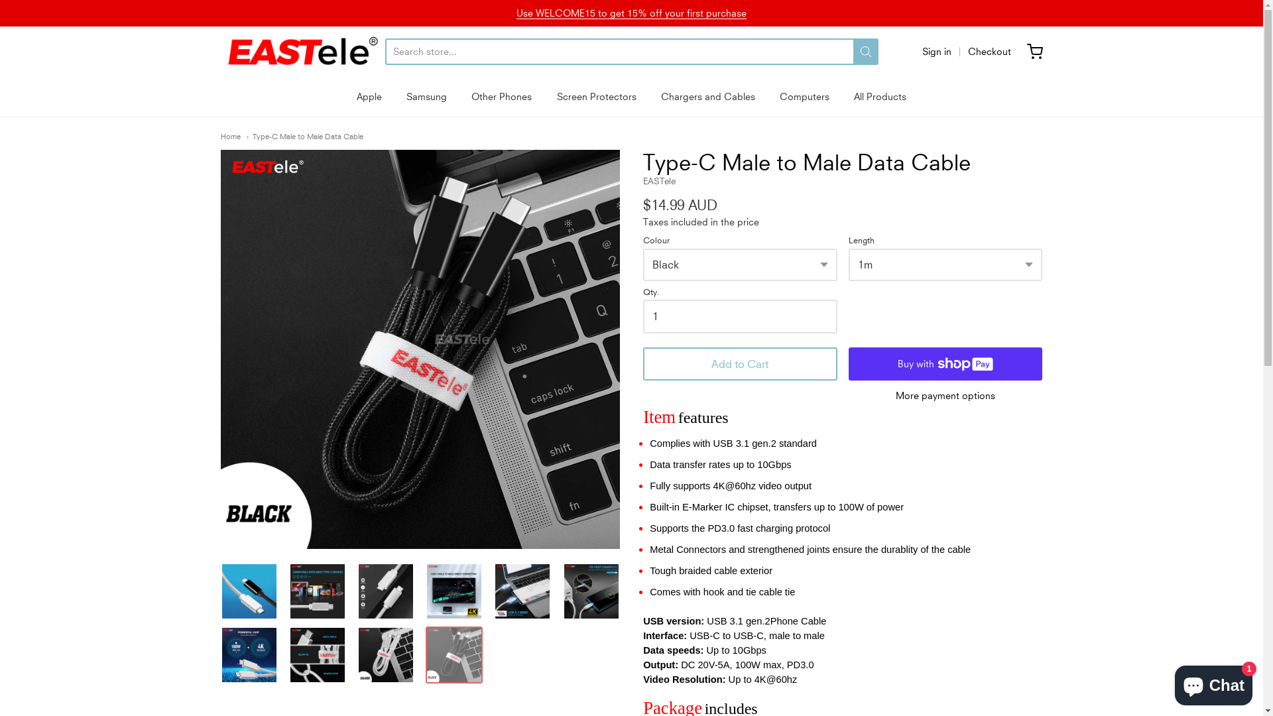 This screenshot has width=1273, height=716. Describe the element at coordinates (880, 96) in the screenshot. I see `'All Products'` at that location.